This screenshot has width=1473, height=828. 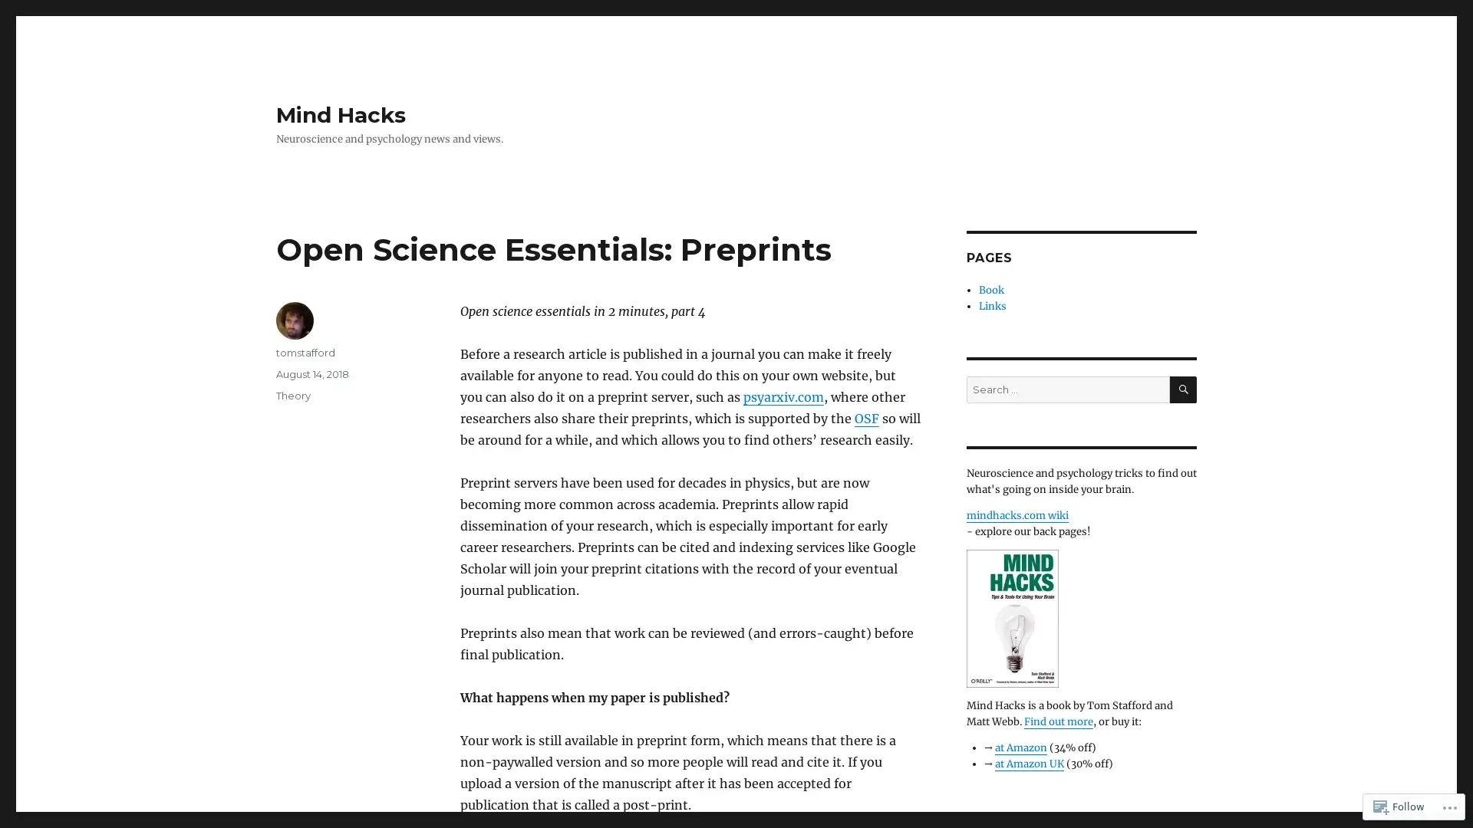 I want to click on SEARCH, so click(x=1182, y=389).